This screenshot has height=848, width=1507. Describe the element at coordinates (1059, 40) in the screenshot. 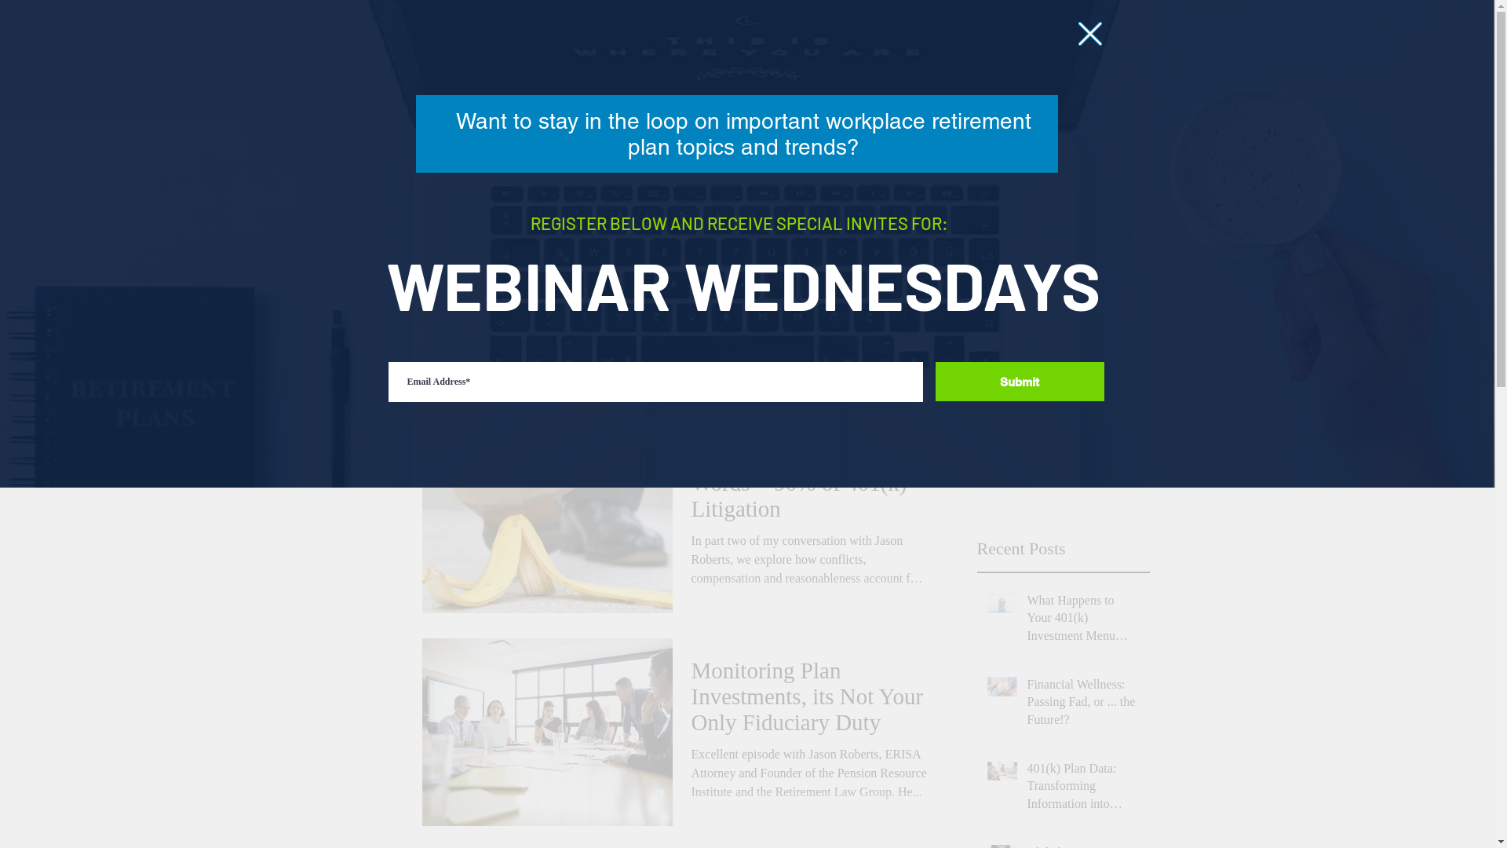

I see `'FEEDBACK'` at that location.